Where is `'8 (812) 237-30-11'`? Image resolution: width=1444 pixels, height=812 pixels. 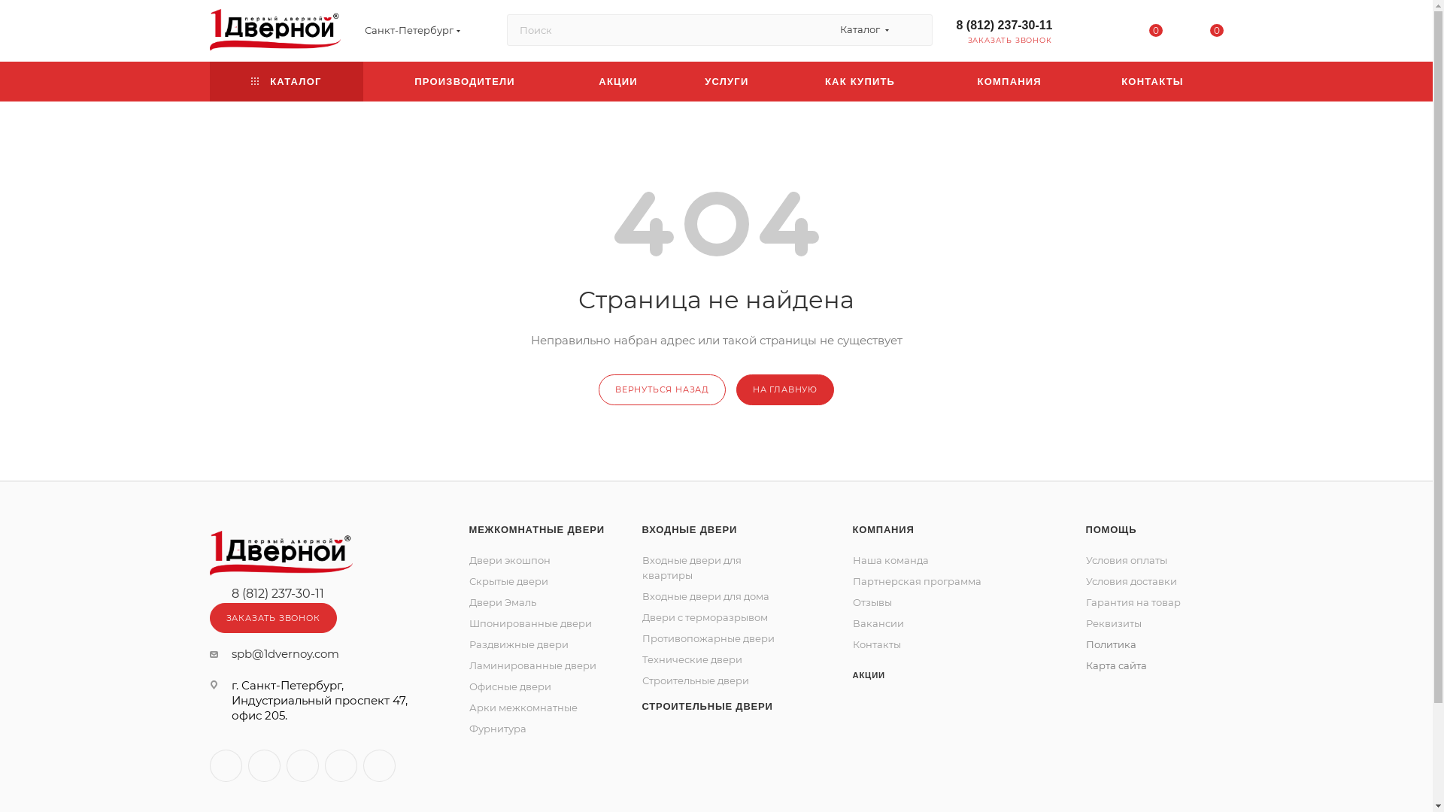
'8 (812) 237-30-11' is located at coordinates (1004, 24).